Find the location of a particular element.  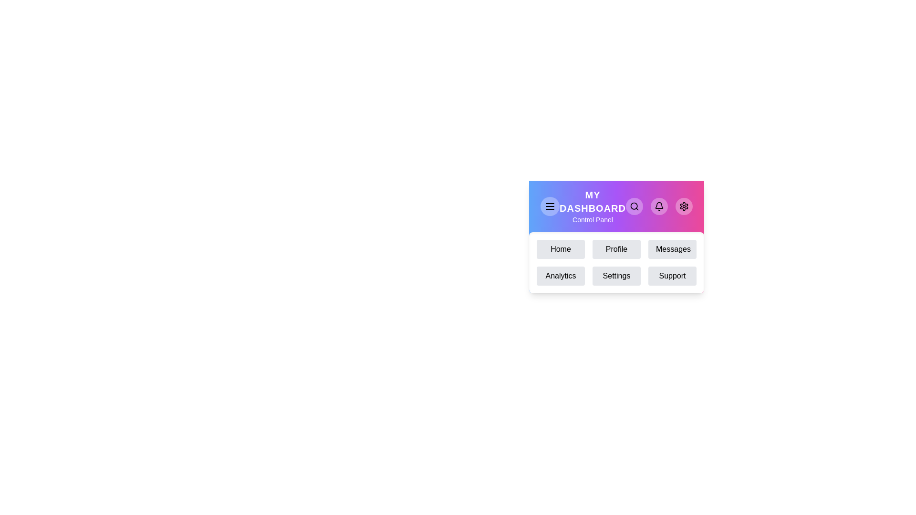

the menu item Messages to navigate to the corresponding section is located at coordinates (672, 249).